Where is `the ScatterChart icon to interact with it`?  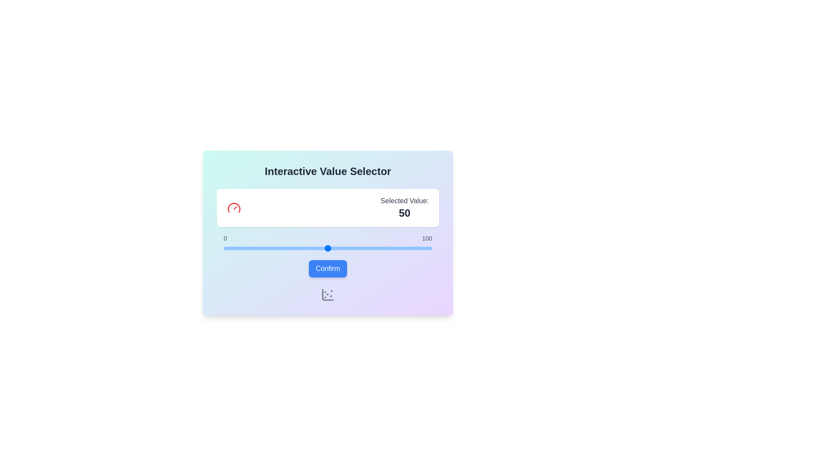
the ScatterChart icon to interact with it is located at coordinates (327, 294).